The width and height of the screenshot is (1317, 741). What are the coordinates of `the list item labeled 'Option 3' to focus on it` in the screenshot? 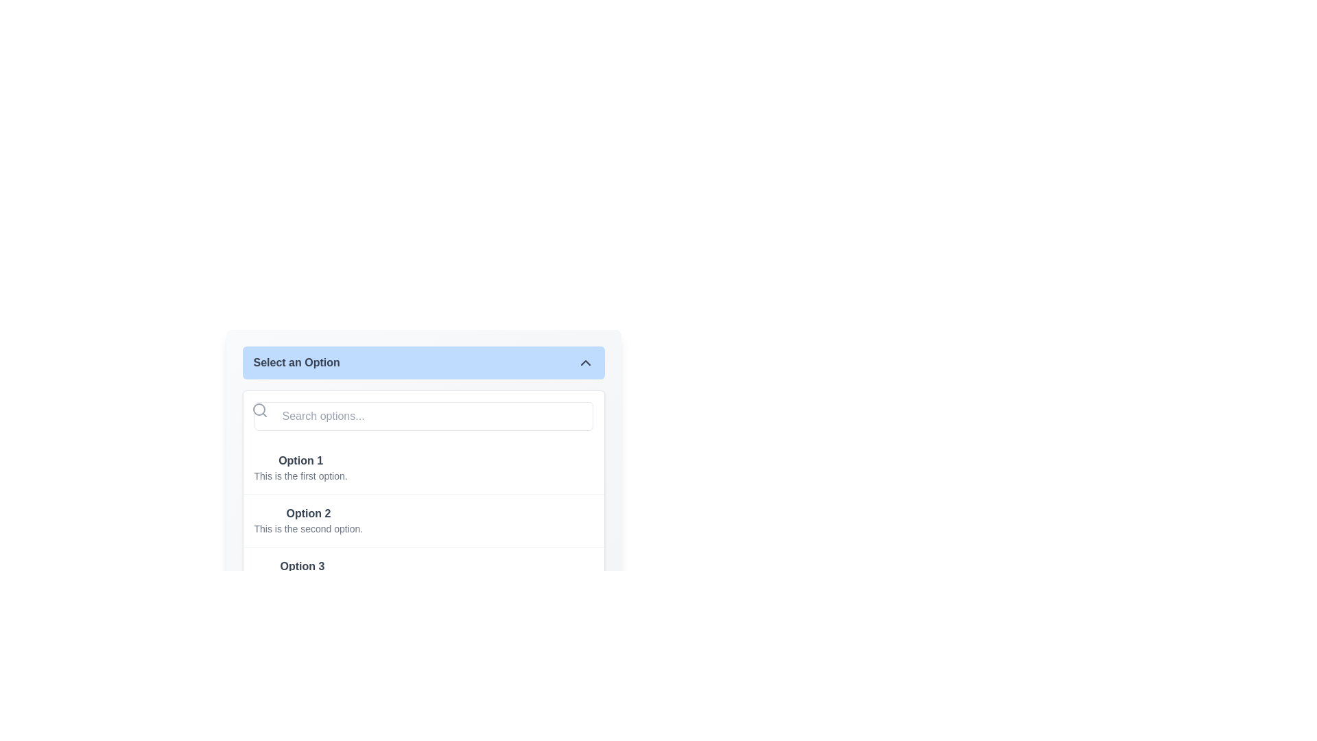 It's located at (302, 574).